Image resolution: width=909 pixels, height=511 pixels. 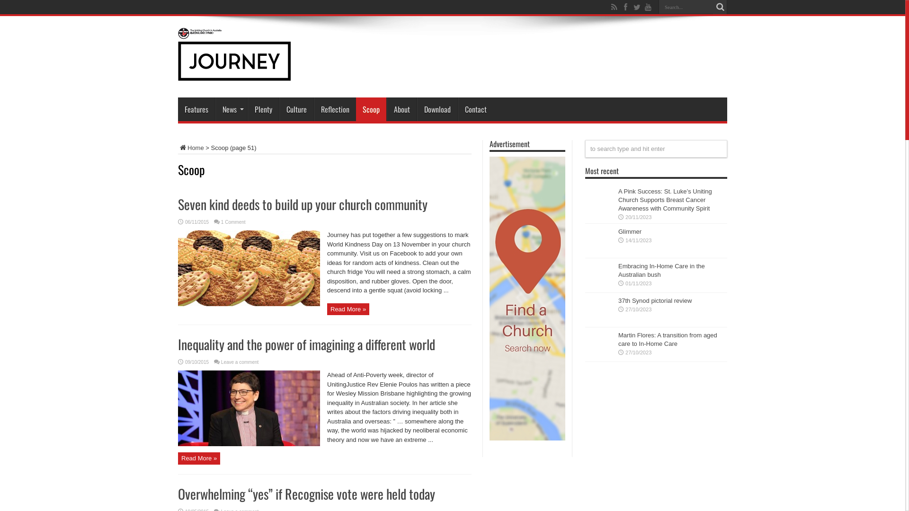 What do you see at coordinates (437, 109) in the screenshot?
I see `'Download'` at bounding box center [437, 109].